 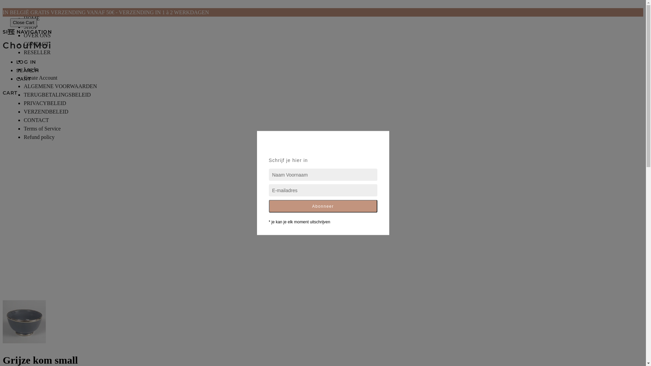 I want to click on 'VERZENDBELEID', so click(x=45, y=111).